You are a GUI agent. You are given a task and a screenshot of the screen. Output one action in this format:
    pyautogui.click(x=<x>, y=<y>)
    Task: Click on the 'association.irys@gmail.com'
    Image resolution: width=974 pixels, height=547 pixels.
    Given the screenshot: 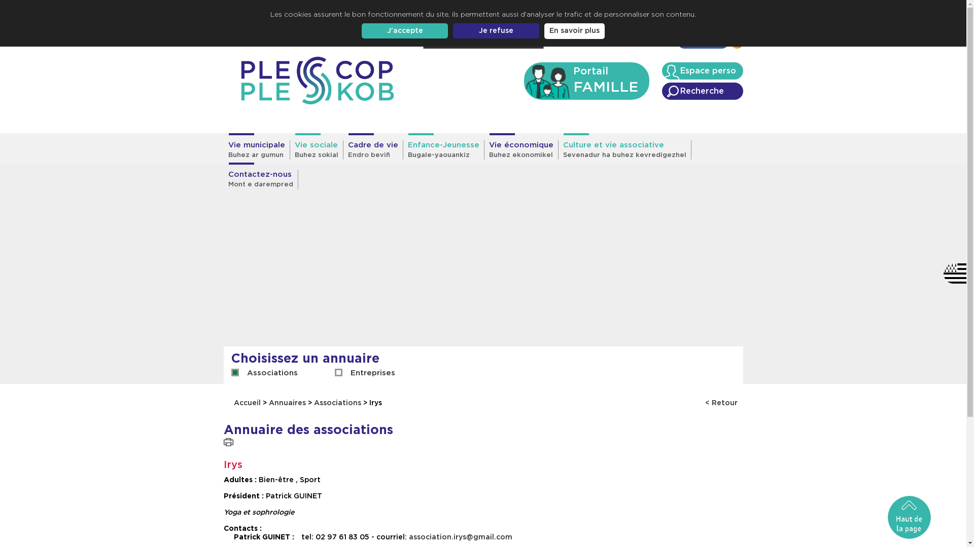 What is the action you would take?
    pyautogui.click(x=460, y=536)
    